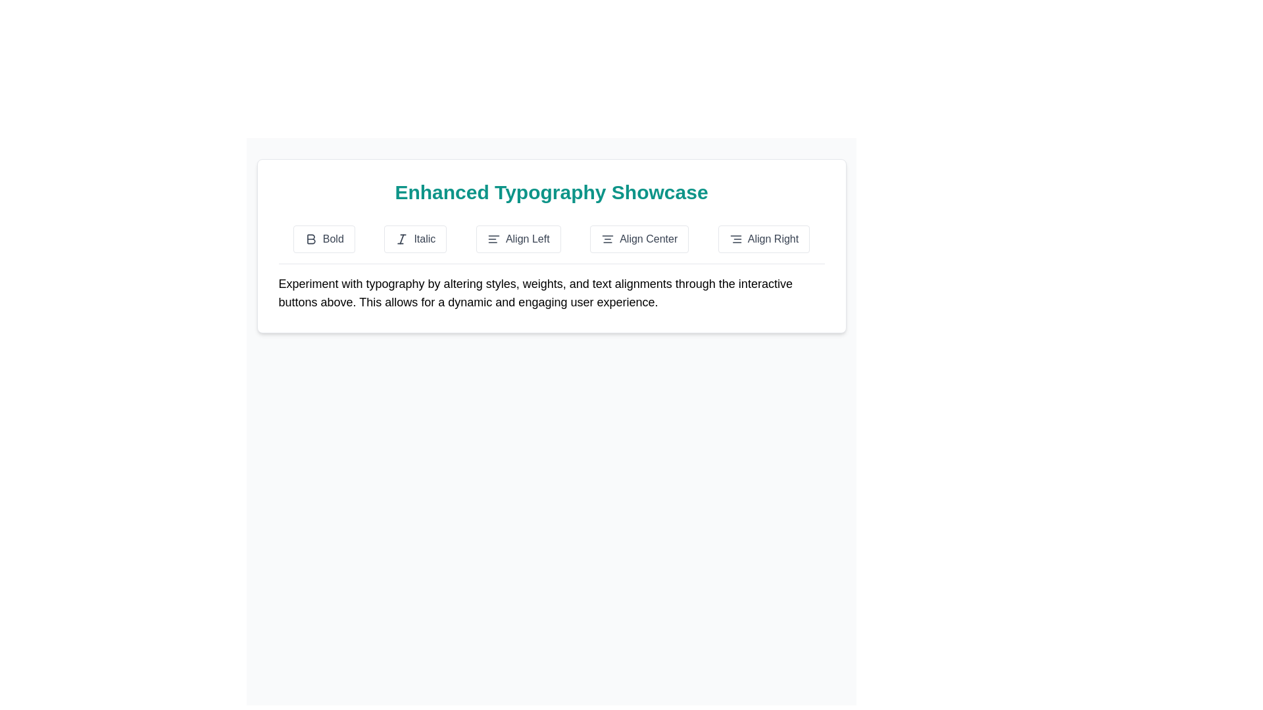 The width and height of the screenshot is (1263, 710). I want to click on the 'Align Right' icon located within the last button of the alignment series, so click(735, 239).